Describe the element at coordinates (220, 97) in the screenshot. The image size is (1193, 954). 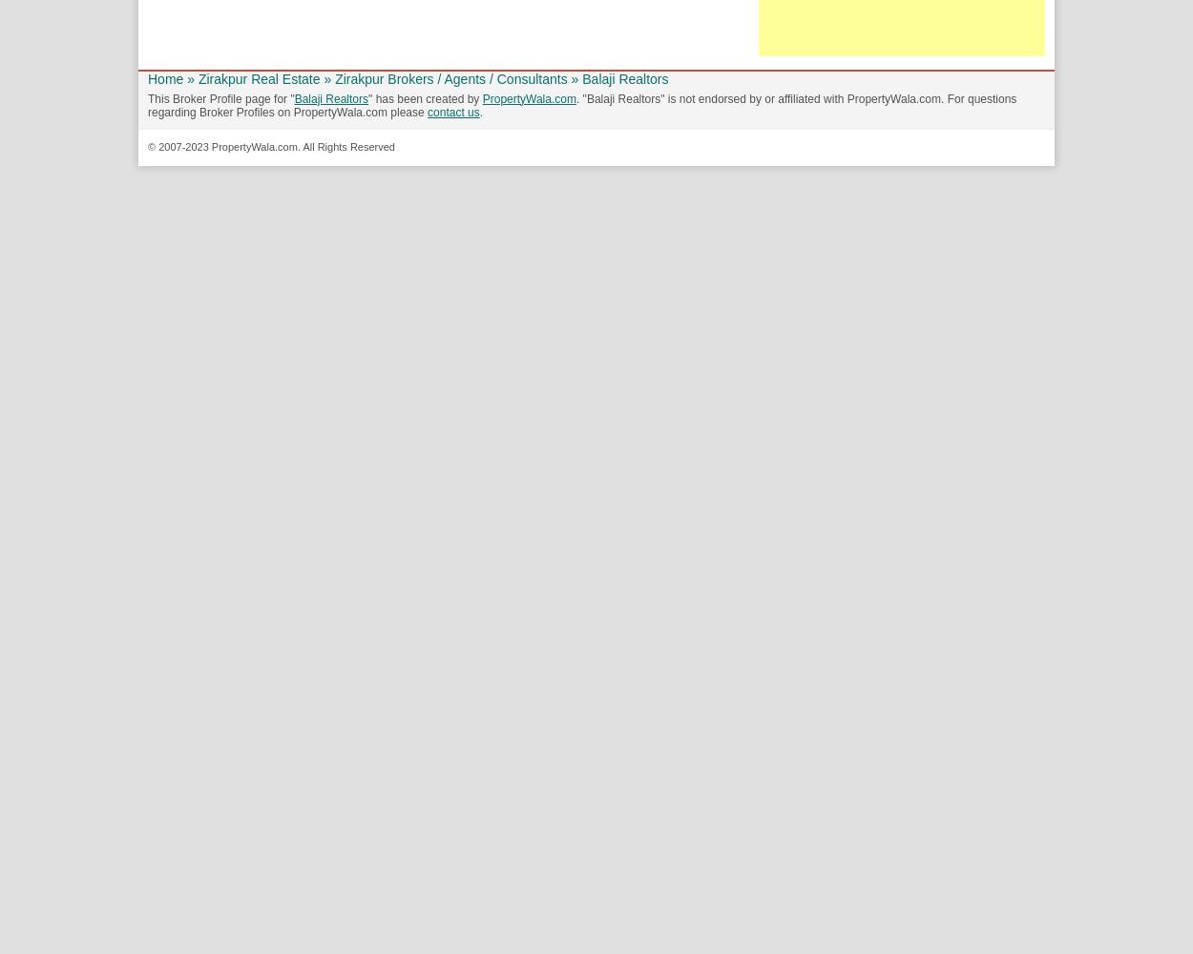
I see `'This
                Broker
                Profile page for "'` at that location.